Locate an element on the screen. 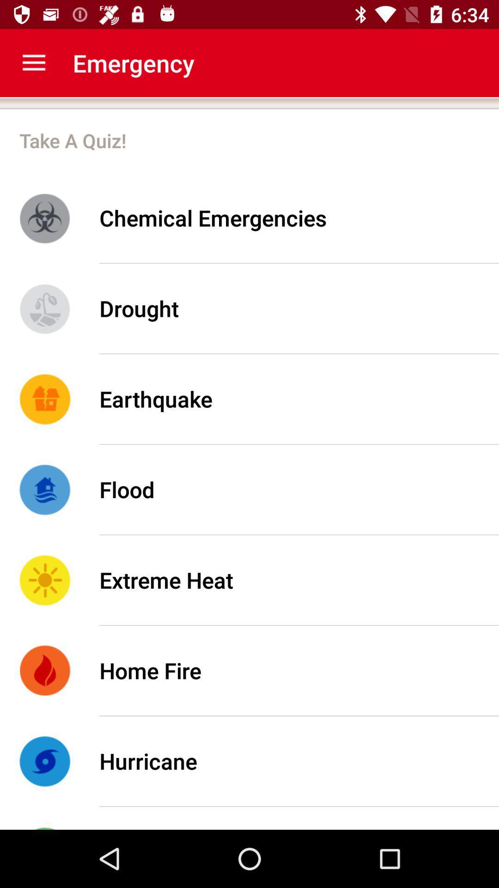  icon next to the emergency item is located at coordinates (33, 62).